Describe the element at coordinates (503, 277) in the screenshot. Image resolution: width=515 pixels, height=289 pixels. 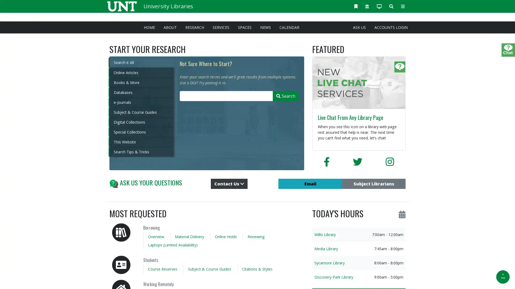
I see `top` at that location.